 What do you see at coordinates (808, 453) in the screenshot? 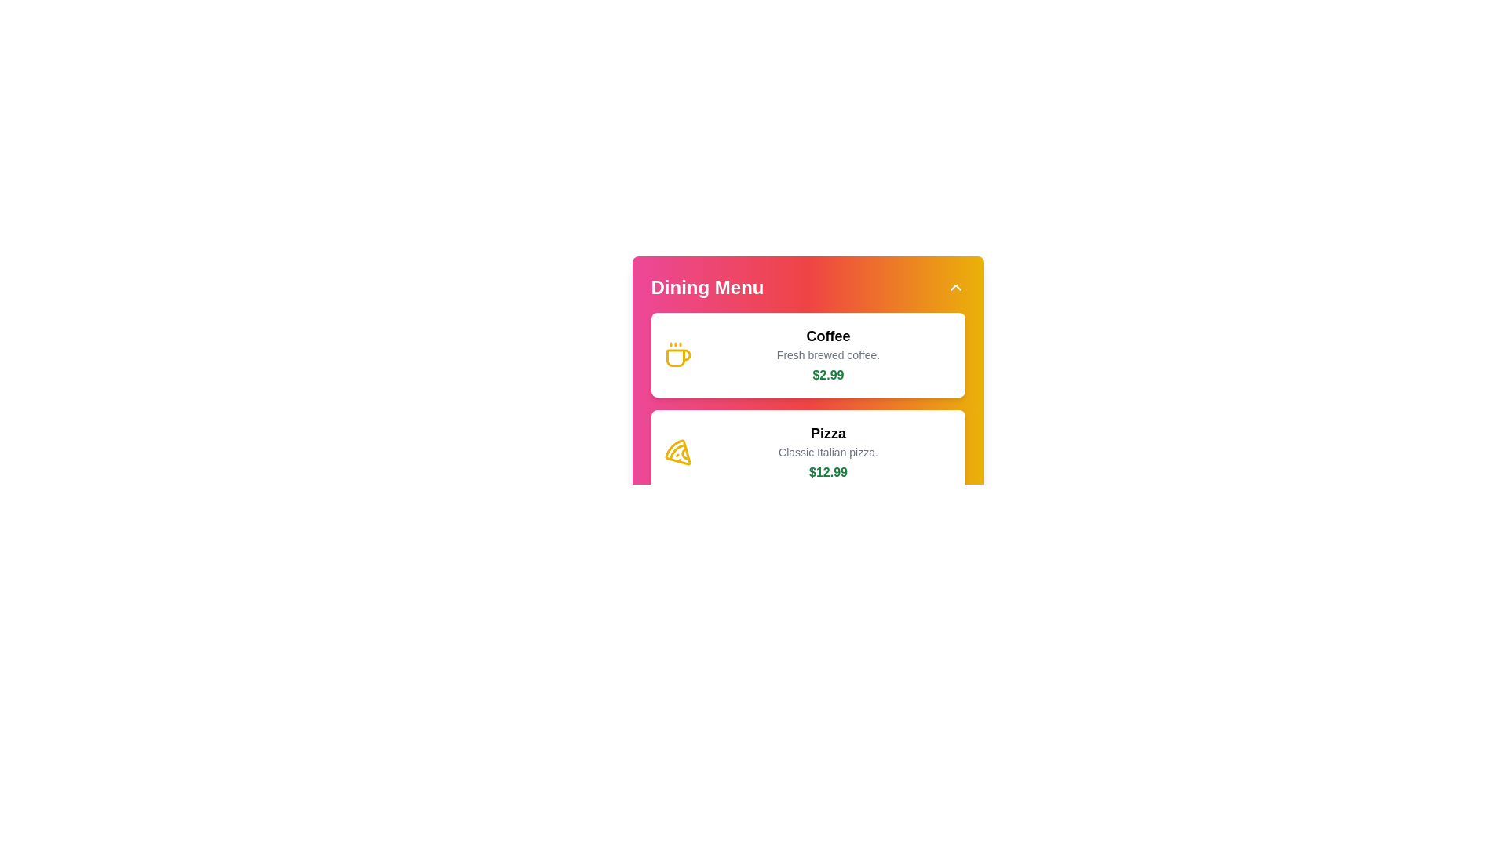
I see `the menu item Pizza to view its details` at bounding box center [808, 453].